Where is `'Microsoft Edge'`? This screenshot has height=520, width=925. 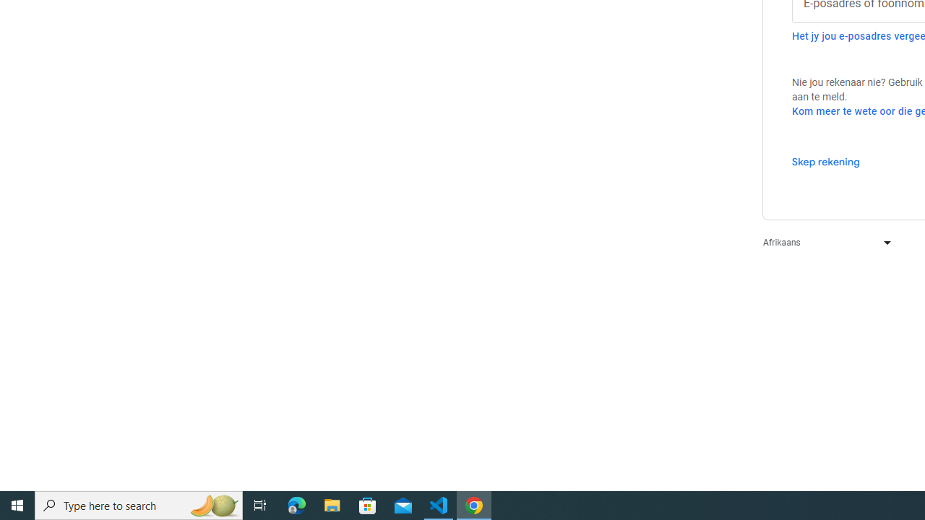 'Microsoft Edge' is located at coordinates (296, 504).